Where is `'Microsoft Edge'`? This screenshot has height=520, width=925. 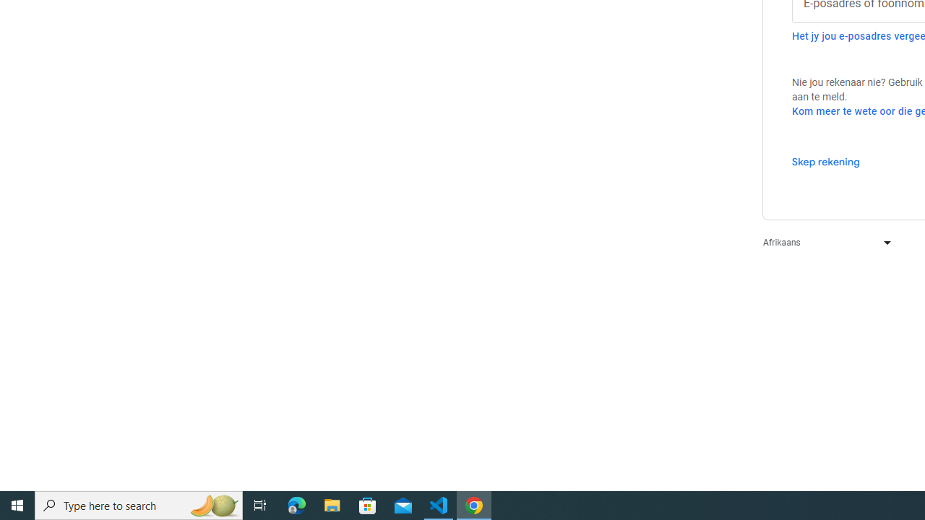 'Microsoft Edge' is located at coordinates (296, 504).